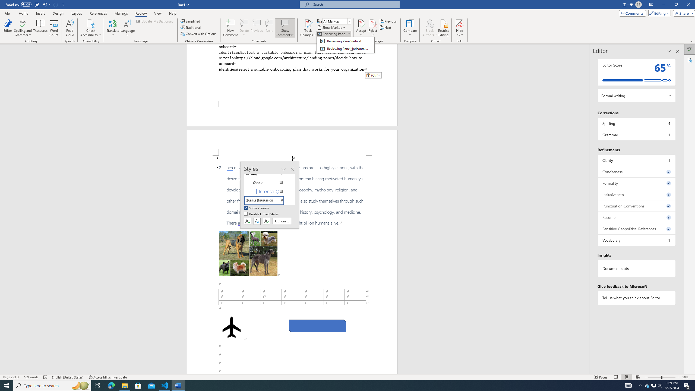 This screenshot has height=391, width=695. Describe the element at coordinates (40, 28) in the screenshot. I see `'Thesaurus...'` at that location.